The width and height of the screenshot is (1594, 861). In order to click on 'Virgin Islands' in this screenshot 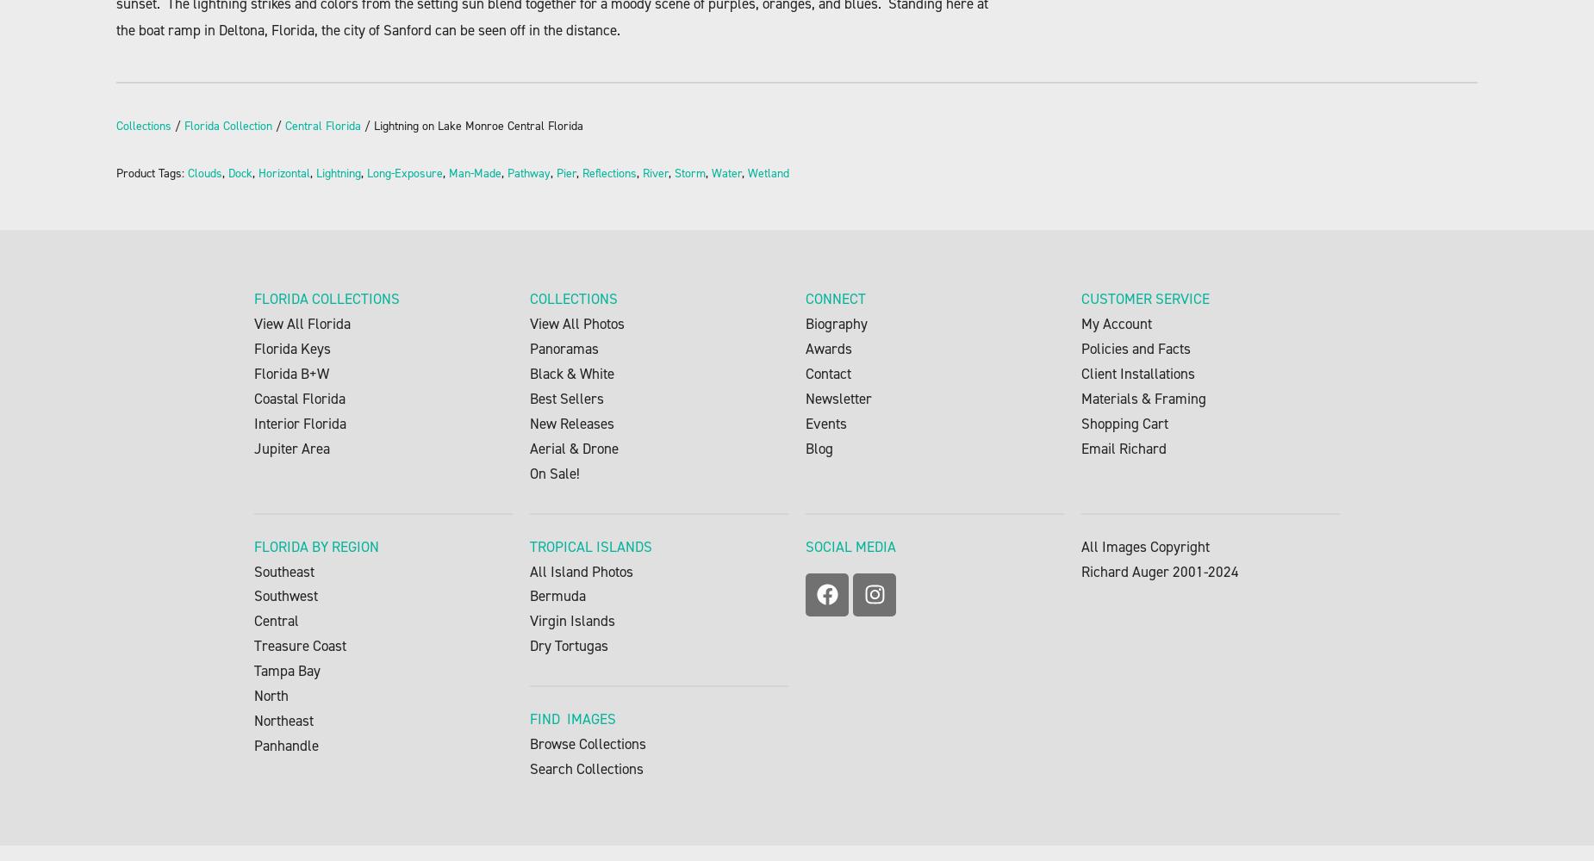, I will do `click(572, 620)`.